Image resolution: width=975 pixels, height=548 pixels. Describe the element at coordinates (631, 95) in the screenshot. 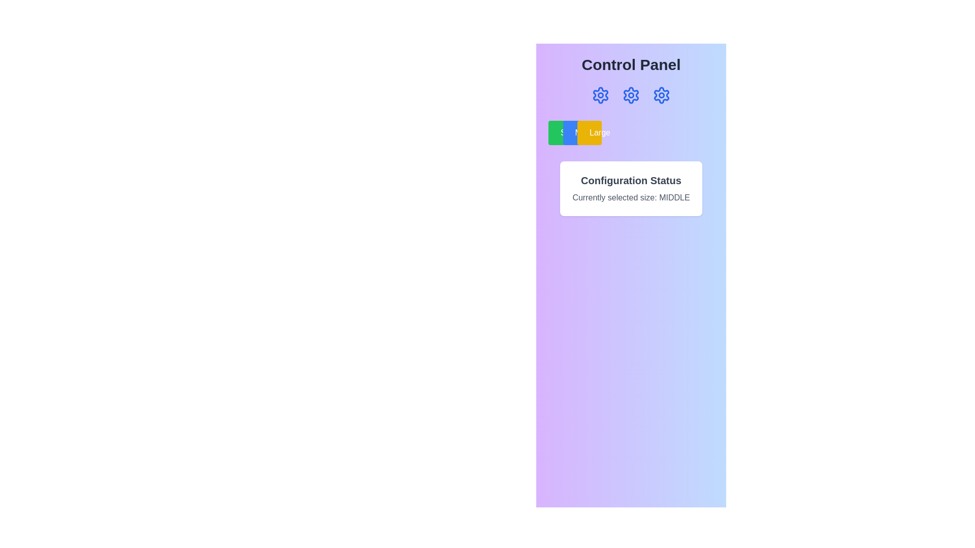

I see `the central circle of the second gear icon located under the 'Control Panel' title in the top section of the interface` at that location.